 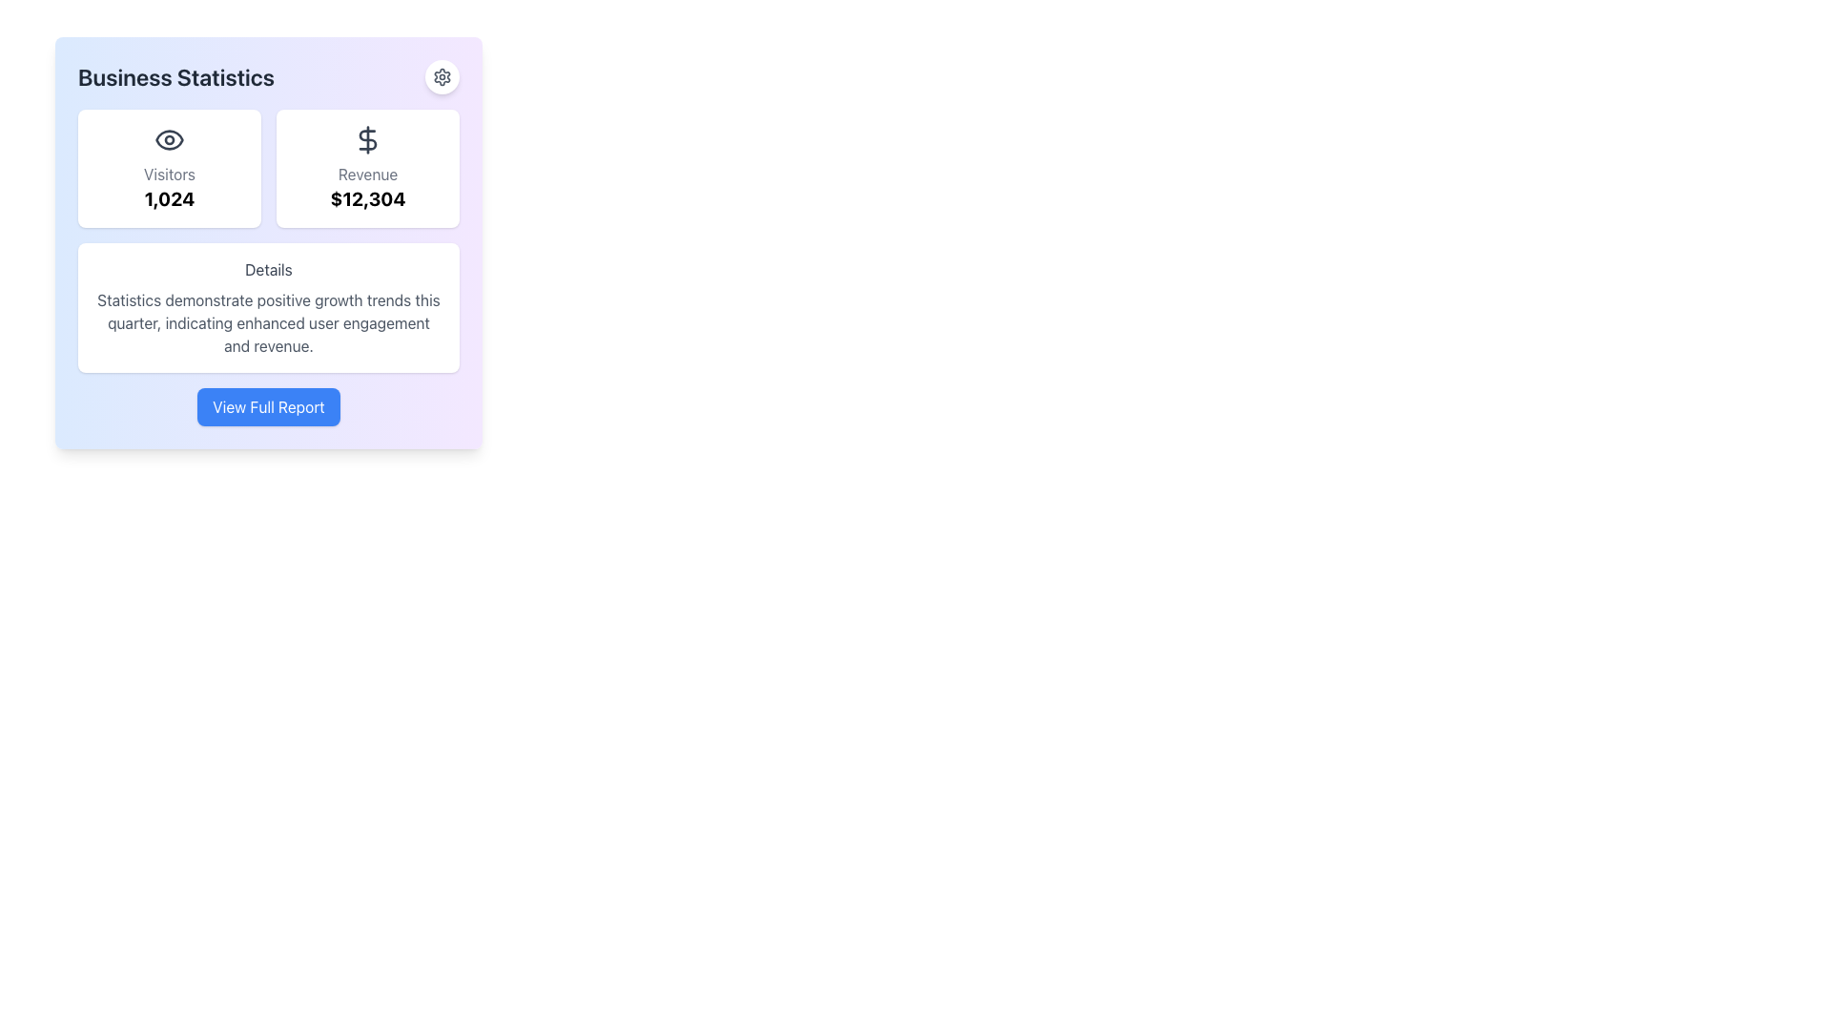 I want to click on the second static information display card in the 'Business Statistics' section that shows the revenue figure, positioned right of the 'Visitors' card, so click(x=367, y=168).